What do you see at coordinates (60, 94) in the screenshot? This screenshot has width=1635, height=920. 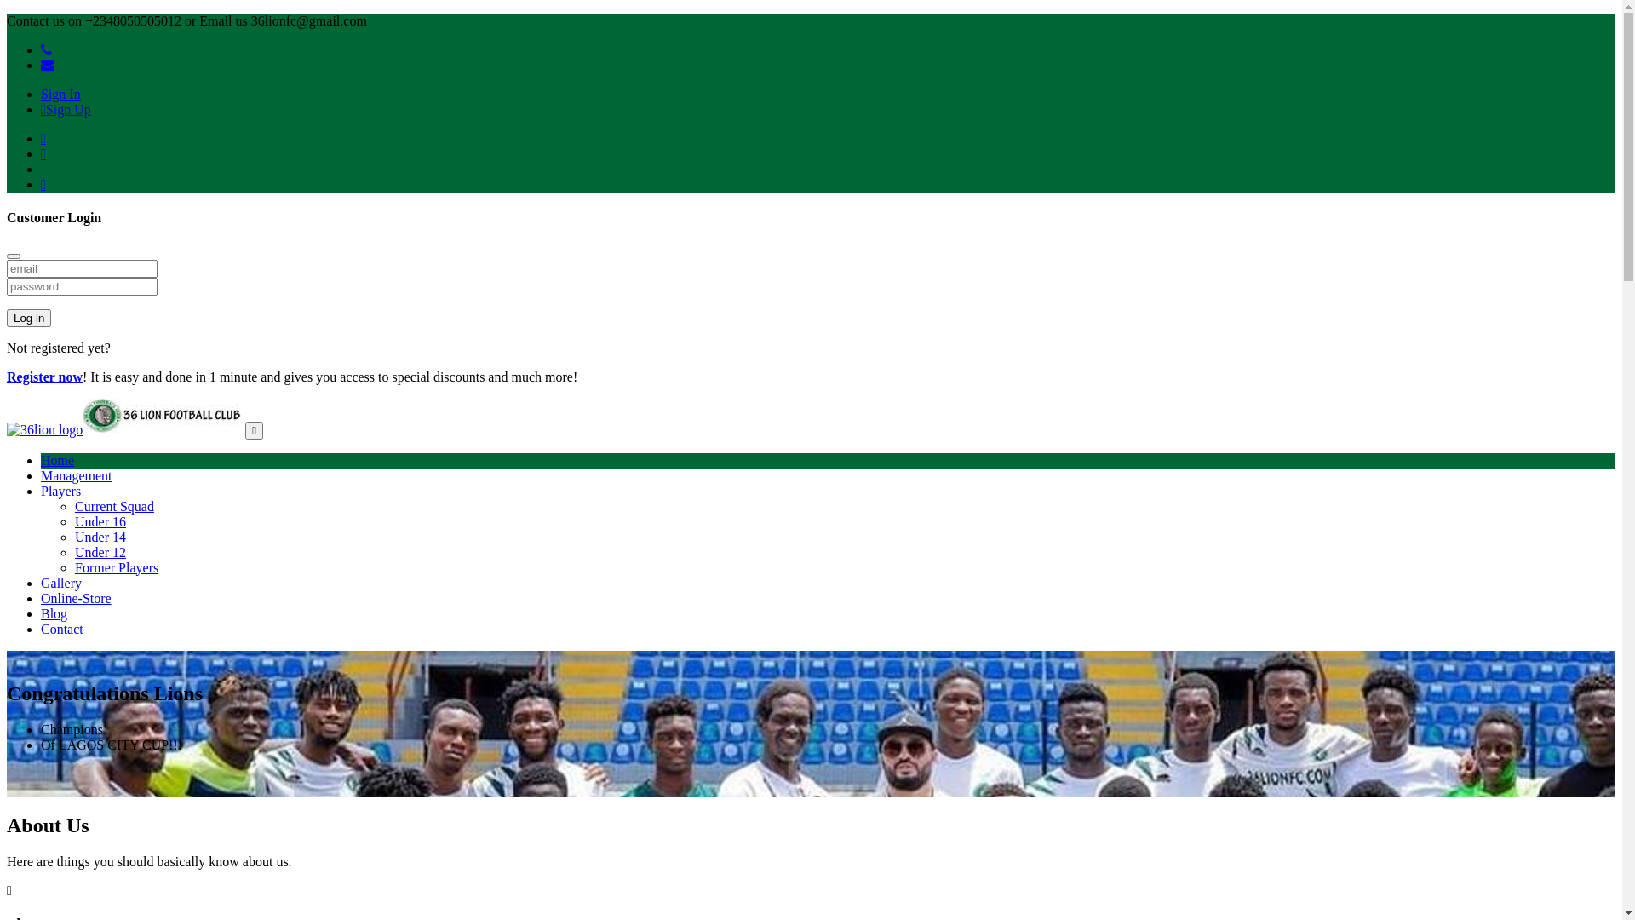 I see `'Sign In'` at bounding box center [60, 94].